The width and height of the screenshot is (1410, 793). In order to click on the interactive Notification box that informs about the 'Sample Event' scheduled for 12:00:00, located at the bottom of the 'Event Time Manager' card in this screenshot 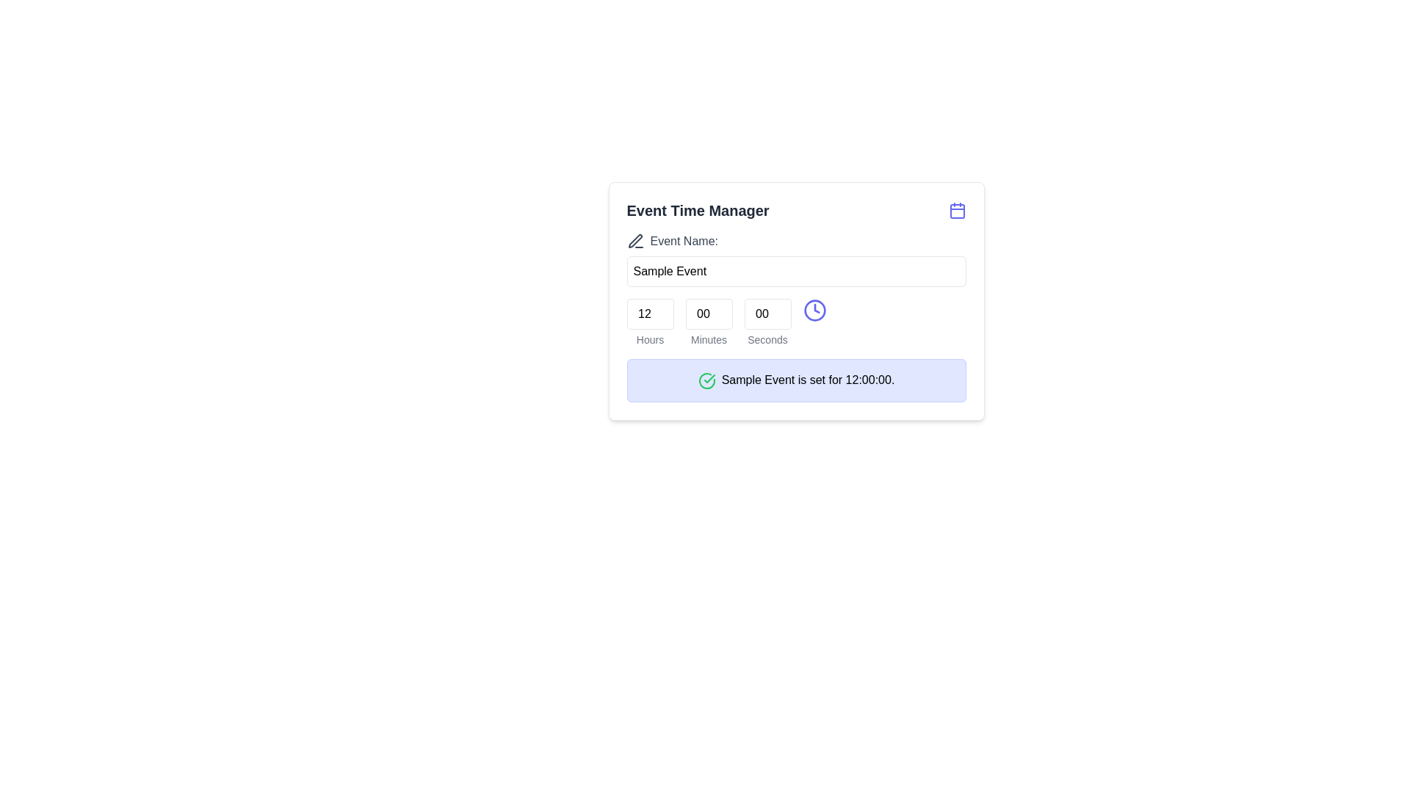, I will do `click(795, 380)`.